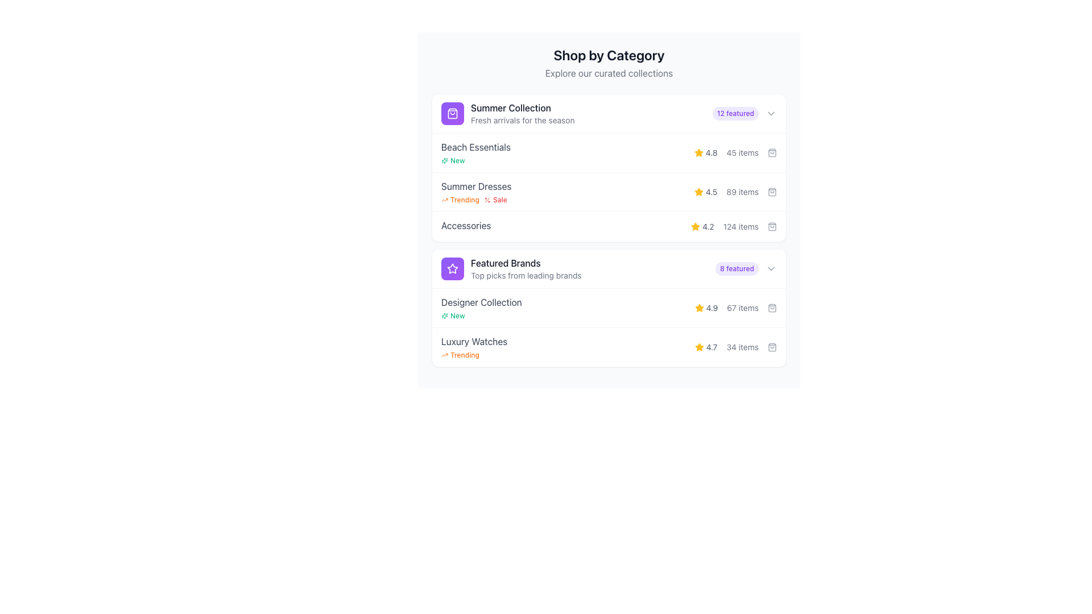 The image size is (1092, 614). Describe the element at coordinates (457, 316) in the screenshot. I see `the 'New' text label styled in light green, located next to a green icon under the 'Designer Collection' in the 'Featured Brands' section` at that location.